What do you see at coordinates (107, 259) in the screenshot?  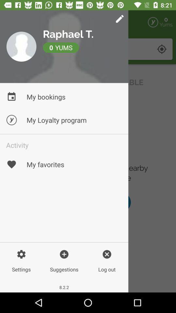 I see `tap the log out icon` at bounding box center [107, 259].